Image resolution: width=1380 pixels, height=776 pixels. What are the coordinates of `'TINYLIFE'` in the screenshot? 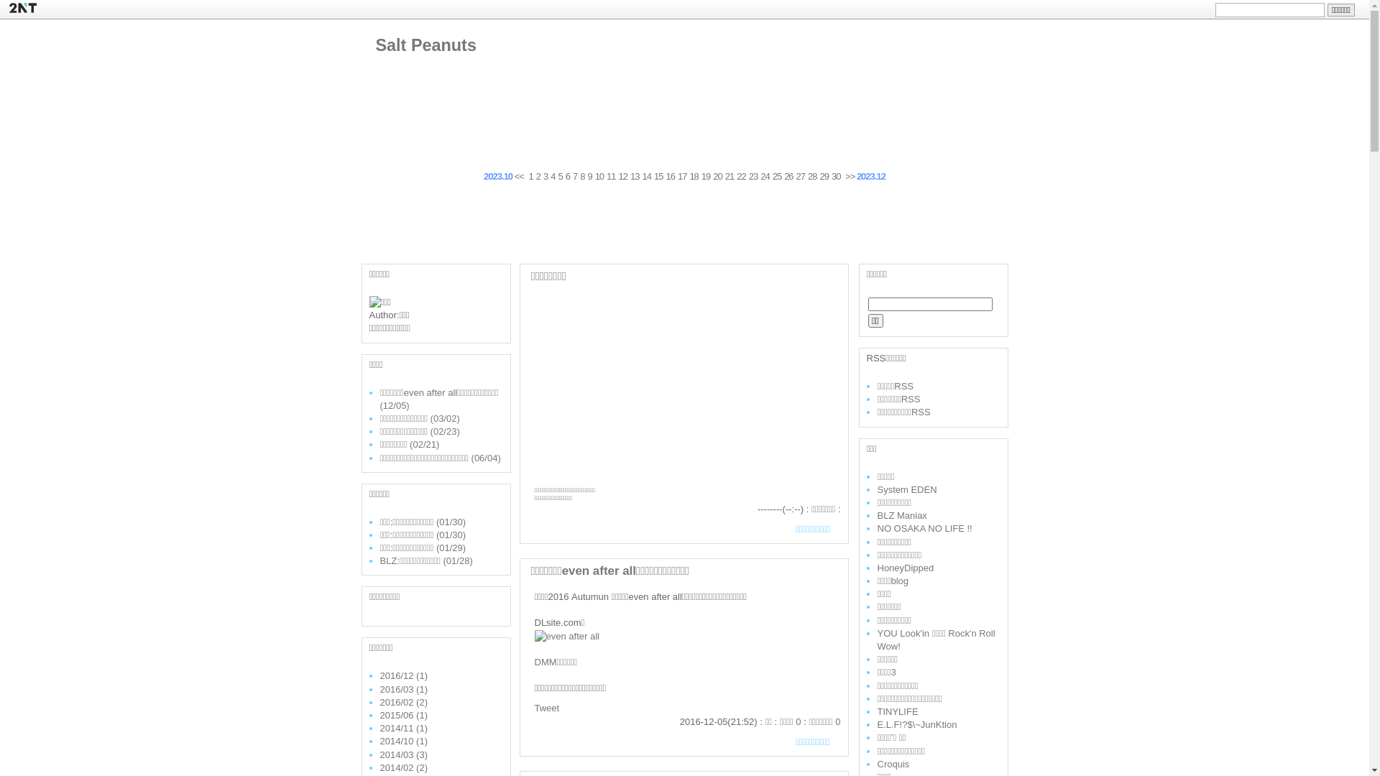 It's located at (896, 711).